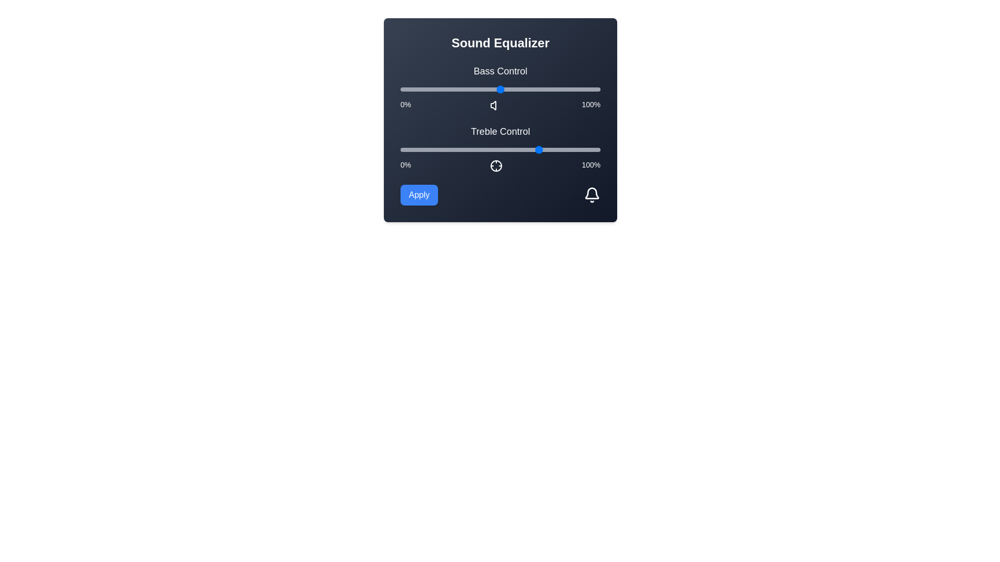 The image size is (1000, 562). Describe the element at coordinates (530, 89) in the screenshot. I see `the bass control slider to 65%` at that location.